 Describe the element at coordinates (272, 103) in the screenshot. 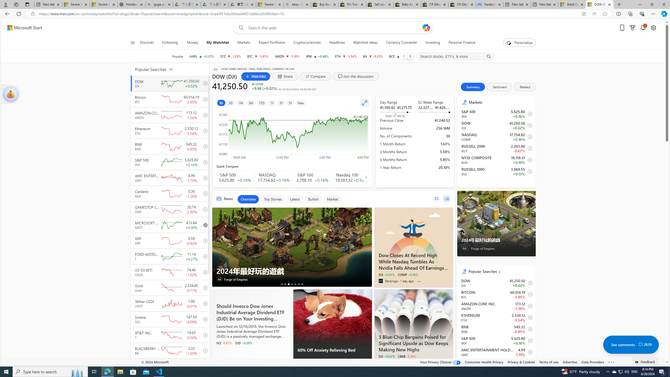

I see `'1Y'` at that location.